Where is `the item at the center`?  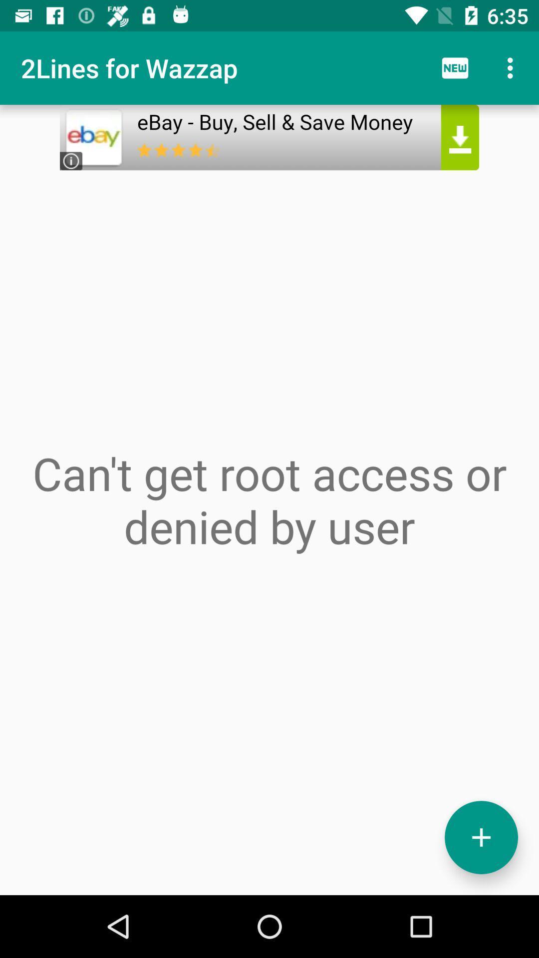
the item at the center is located at coordinates (269, 499).